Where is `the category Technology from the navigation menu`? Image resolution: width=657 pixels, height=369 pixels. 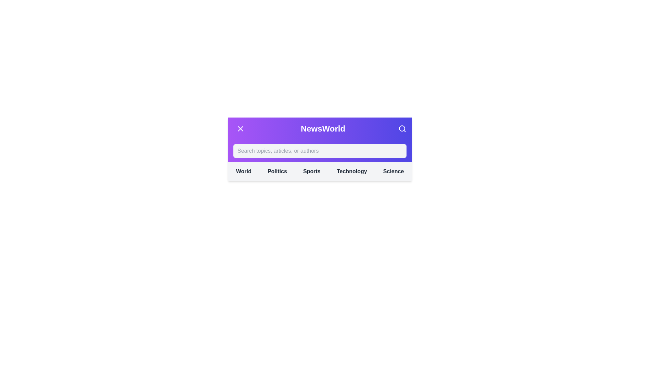
the category Technology from the navigation menu is located at coordinates (351, 171).